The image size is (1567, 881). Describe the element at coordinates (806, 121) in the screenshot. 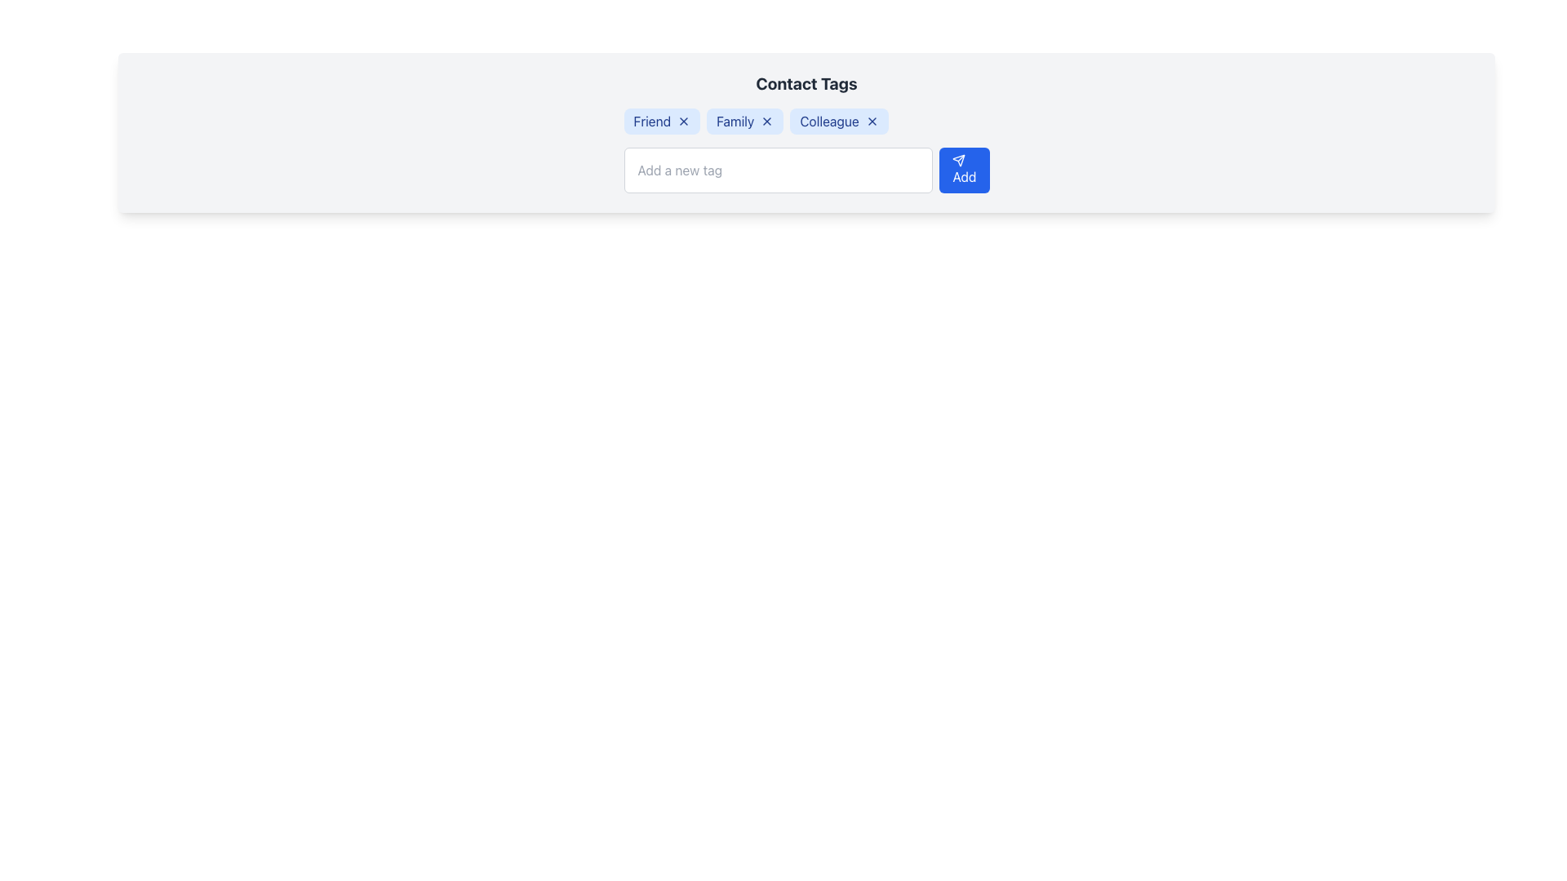

I see `the 'Friend', 'Family', or 'Colleague' tag below the 'Contact Tags' text` at that location.